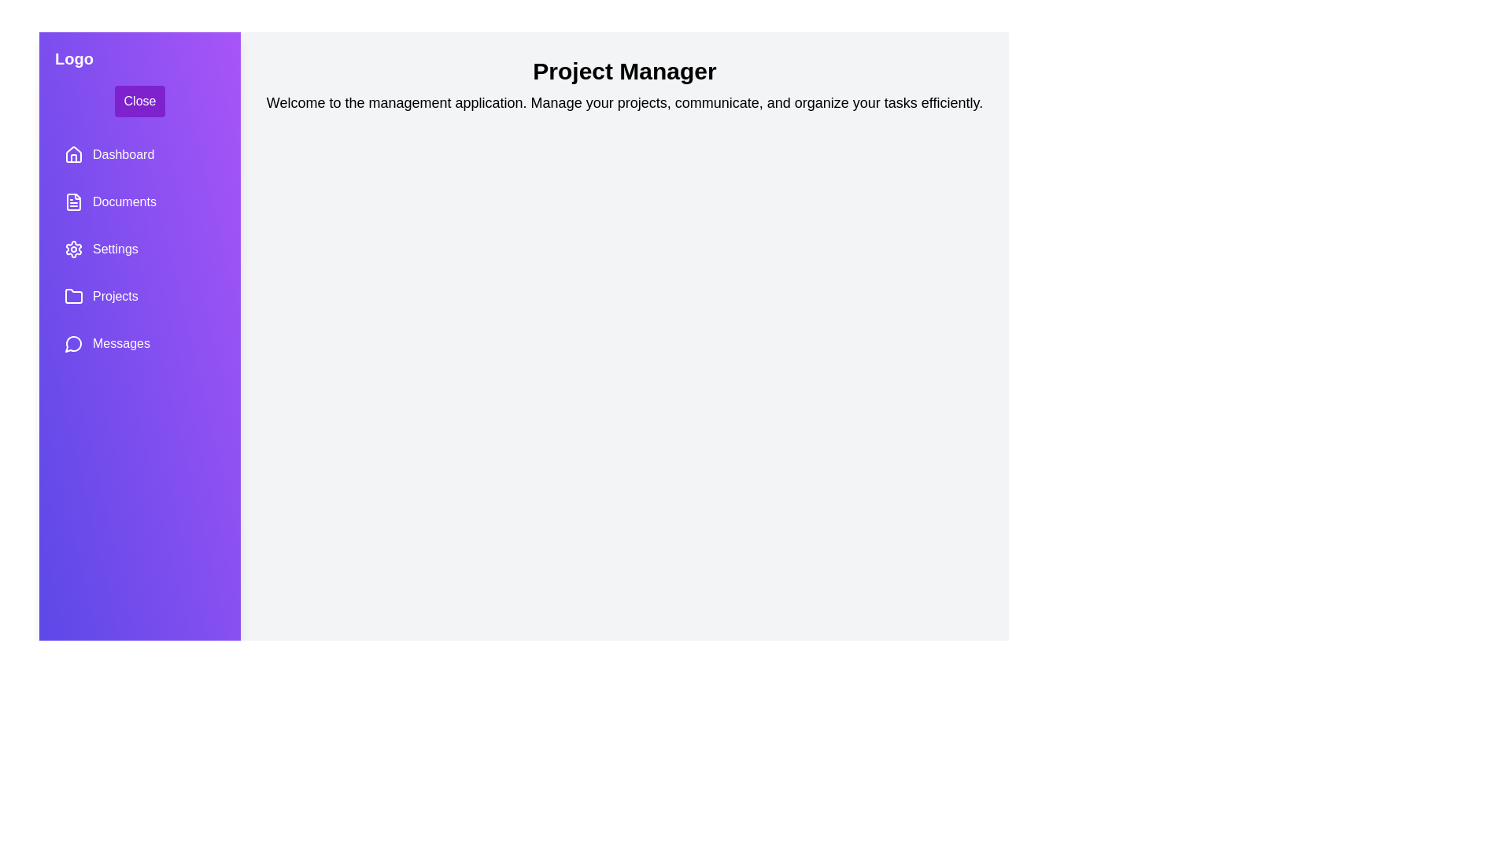 The width and height of the screenshot is (1511, 850). I want to click on the navigation item labeled Projects to navigate to the respective section, so click(139, 297).